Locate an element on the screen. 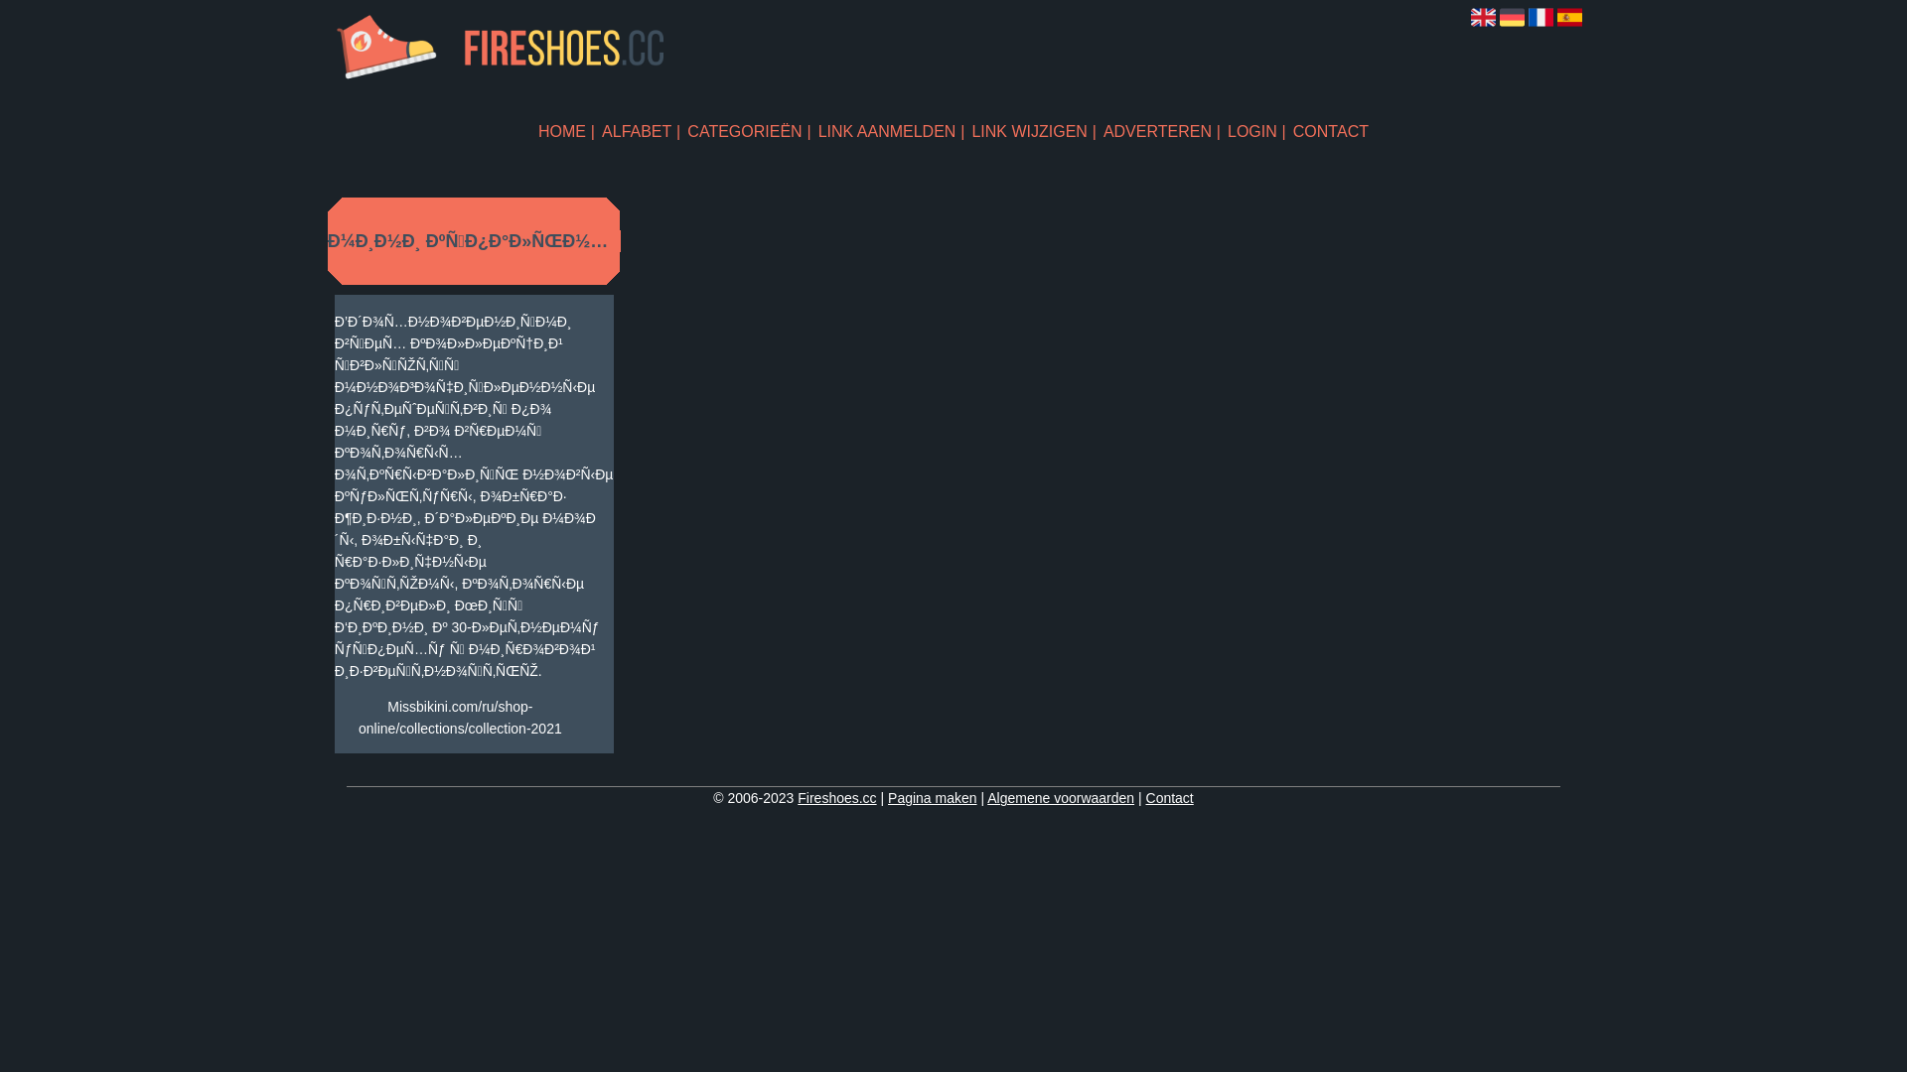 This screenshot has height=1072, width=1907. 'HOME' is located at coordinates (565, 131).